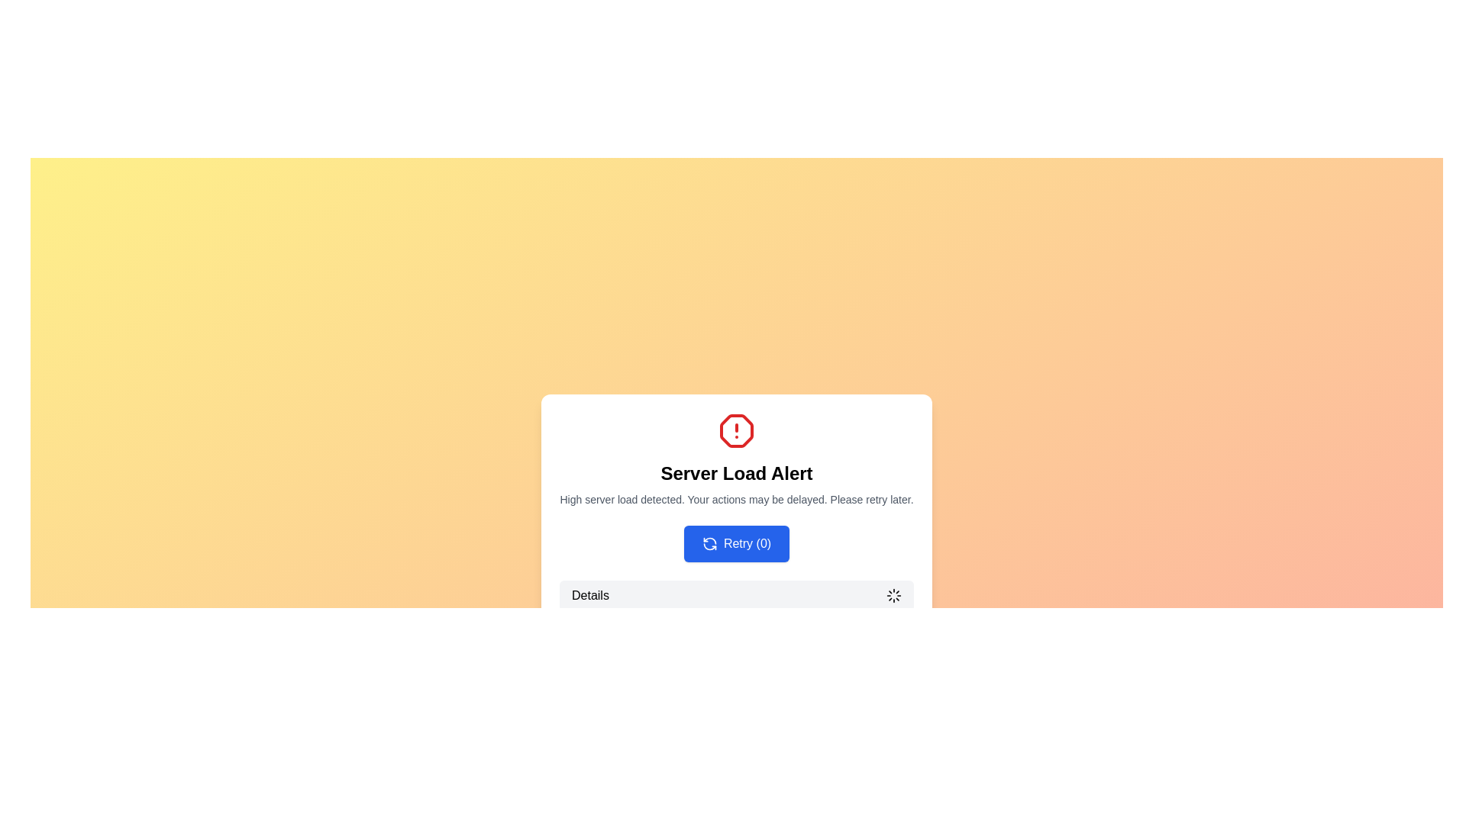 Image resolution: width=1466 pixels, height=824 pixels. What do you see at coordinates (736, 594) in the screenshot?
I see `the button located below the 'Server Load Alert' message` at bounding box center [736, 594].